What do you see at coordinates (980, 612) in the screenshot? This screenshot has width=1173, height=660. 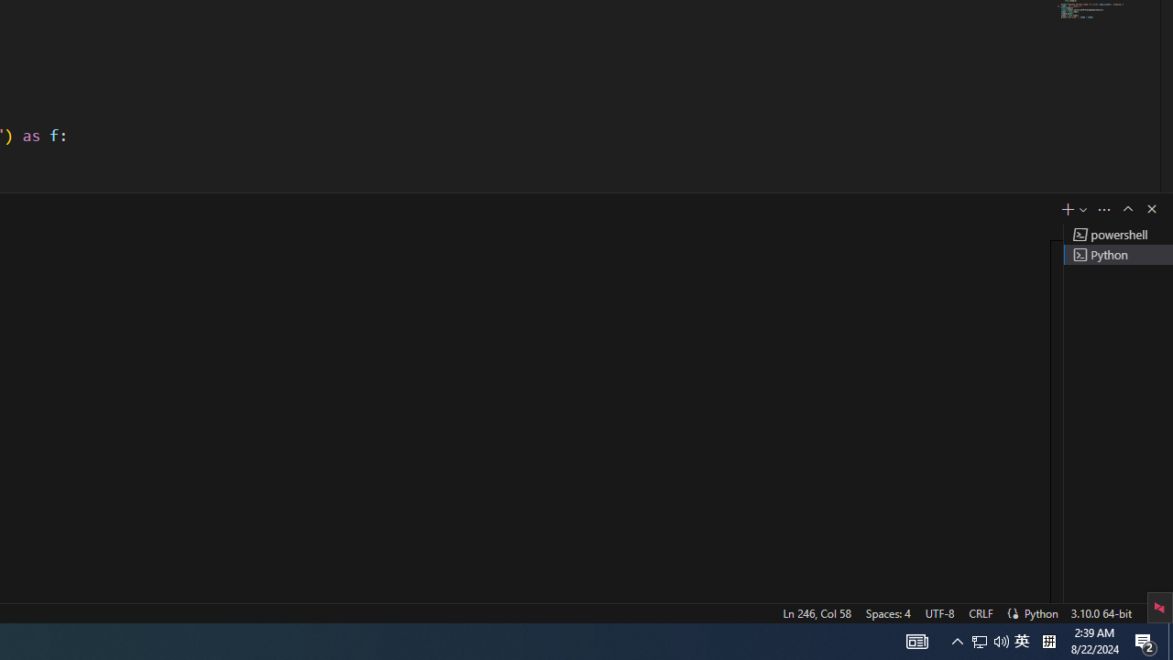 I see `'CRLF'` at bounding box center [980, 612].